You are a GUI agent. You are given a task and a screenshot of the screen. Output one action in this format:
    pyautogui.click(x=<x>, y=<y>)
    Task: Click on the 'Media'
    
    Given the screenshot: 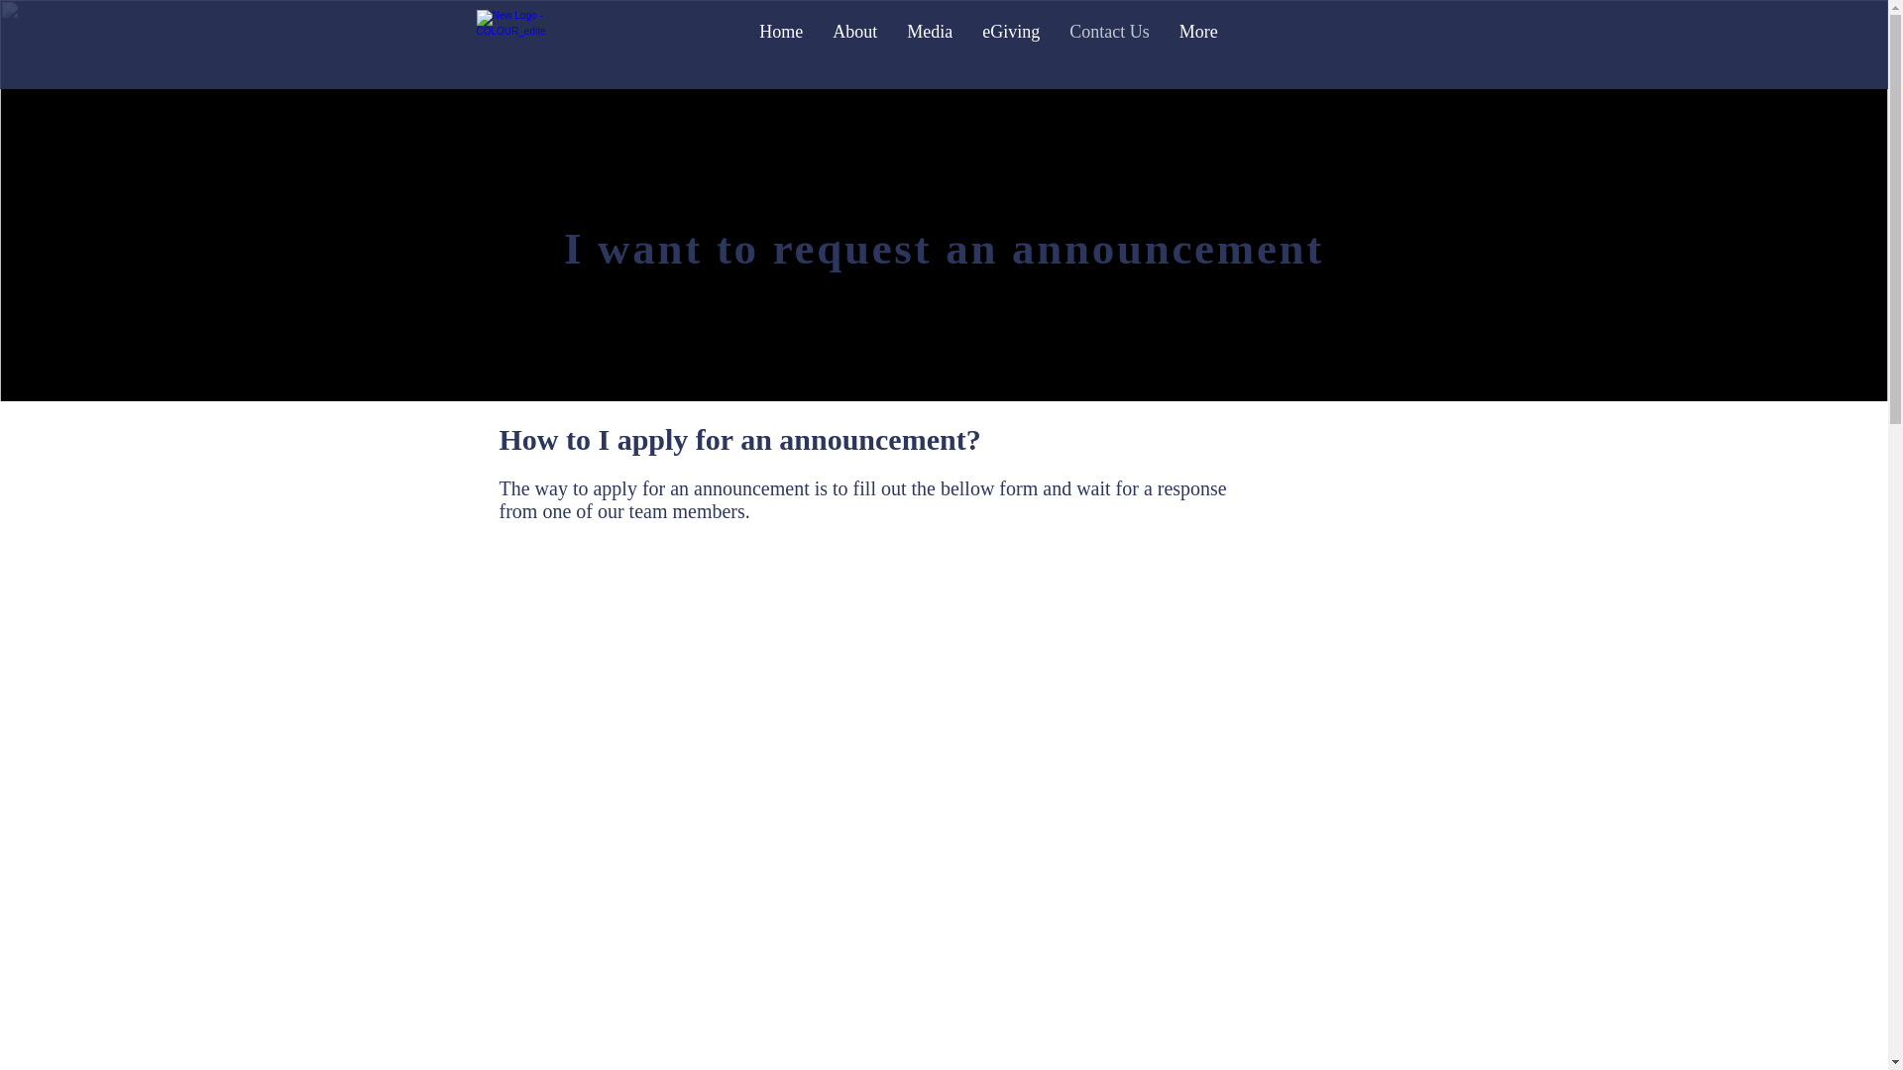 What is the action you would take?
    pyautogui.click(x=928, y=45)
    